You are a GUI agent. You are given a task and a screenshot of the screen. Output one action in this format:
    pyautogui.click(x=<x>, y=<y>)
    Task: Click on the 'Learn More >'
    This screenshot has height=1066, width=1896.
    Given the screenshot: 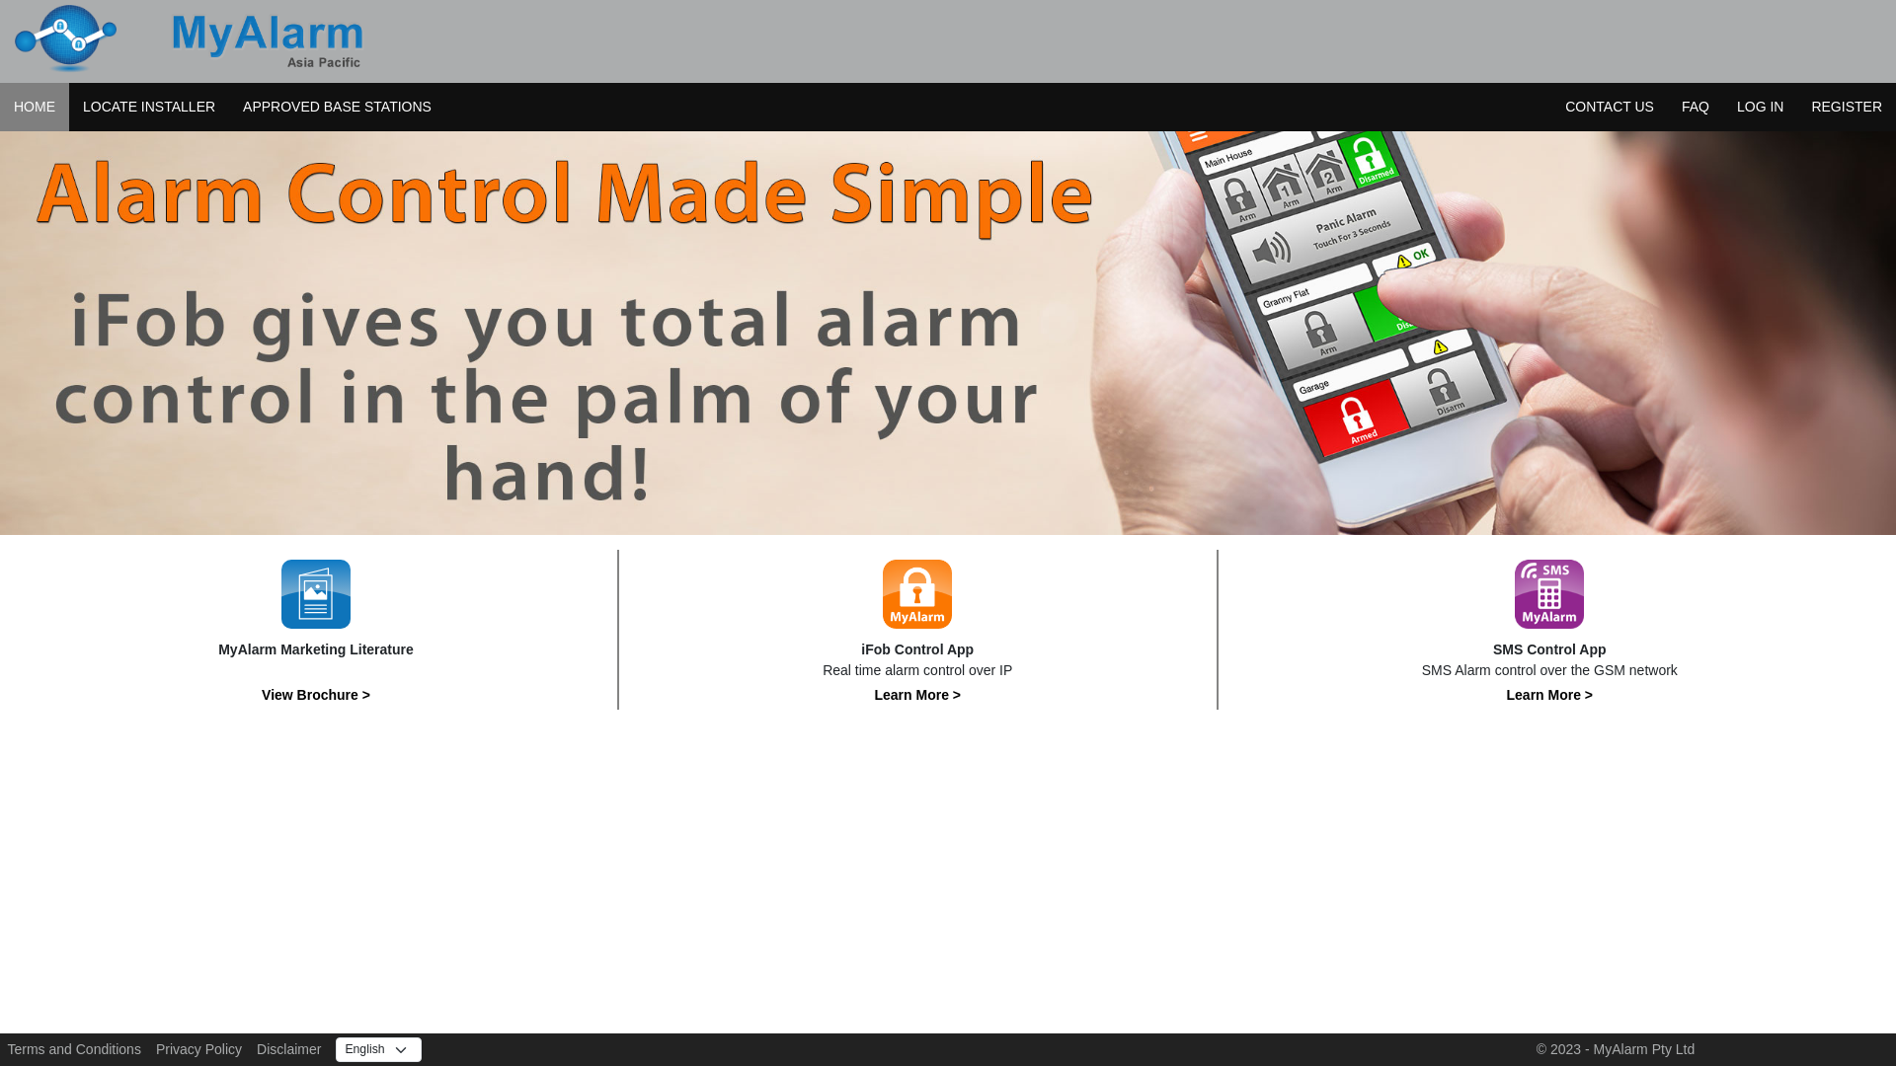 What is the action you would take?
    pyautogui.click(x=917, y=694)
    